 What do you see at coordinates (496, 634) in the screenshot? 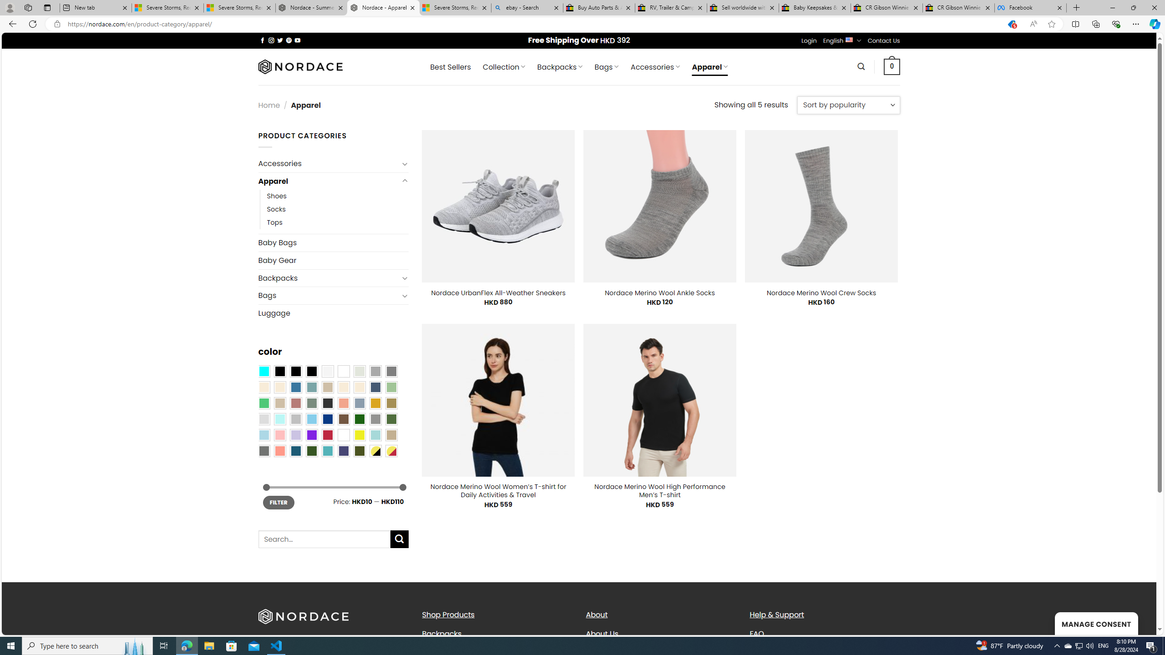
I see `'Backpacks'` at bounding box center [496, 634].